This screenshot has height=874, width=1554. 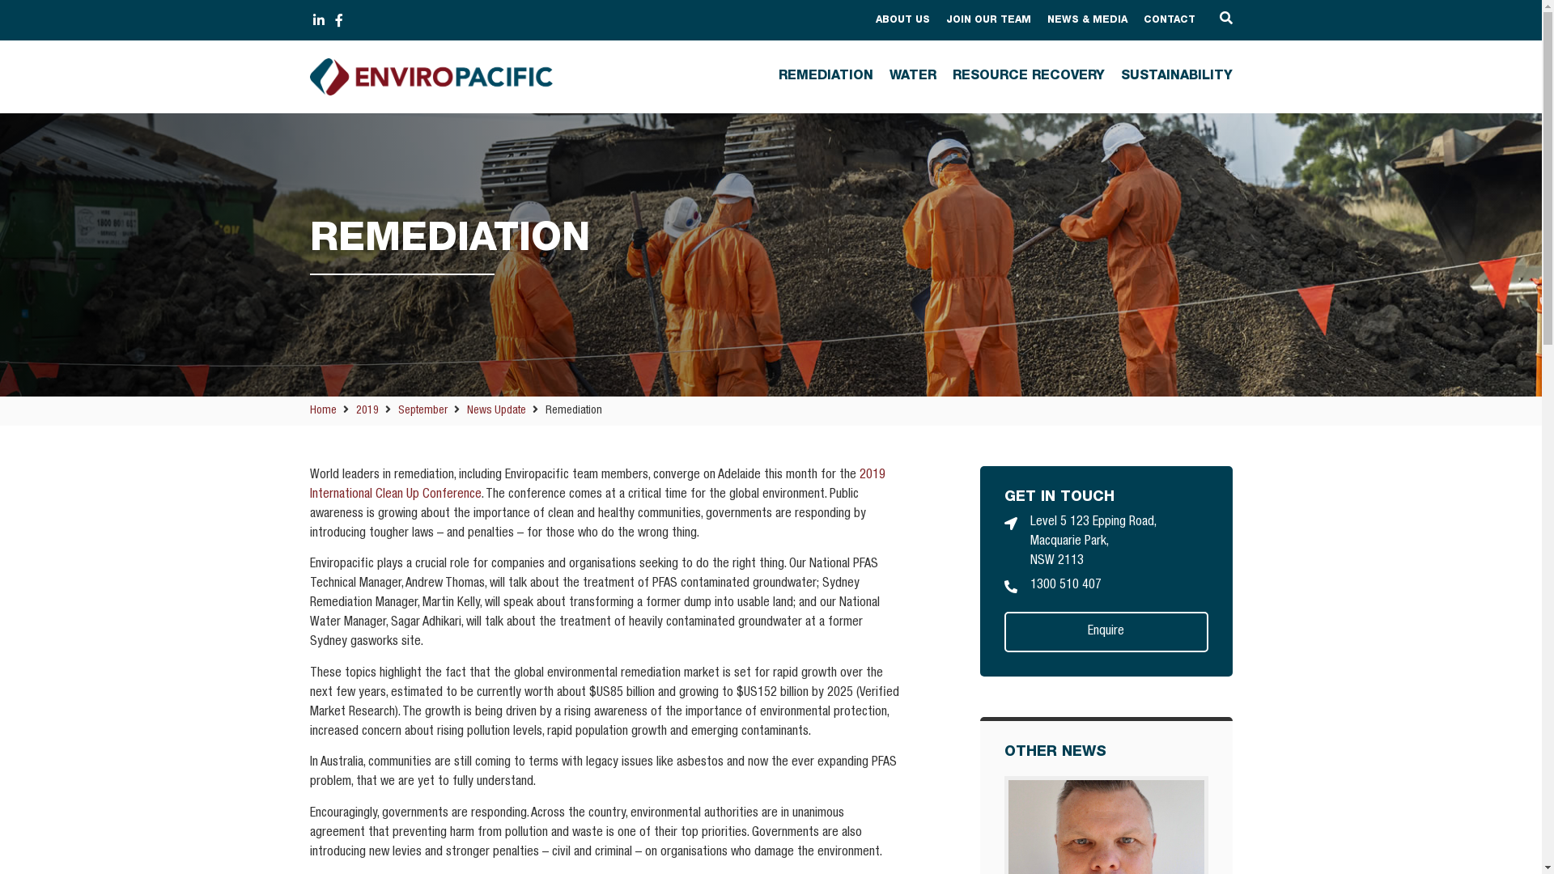 What do you see at coordinates (322, 410) in the screenshot?
I see `'Home'` at bounding box center [322, 410].